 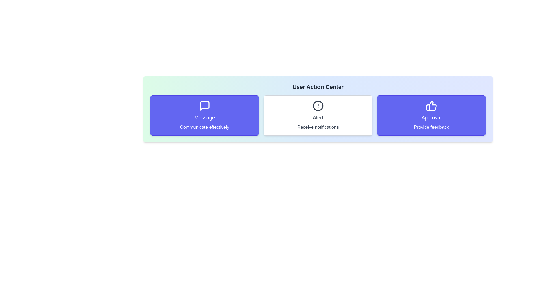 I want to click on the action card corresponding to Approval, so click(x=431, y=115).